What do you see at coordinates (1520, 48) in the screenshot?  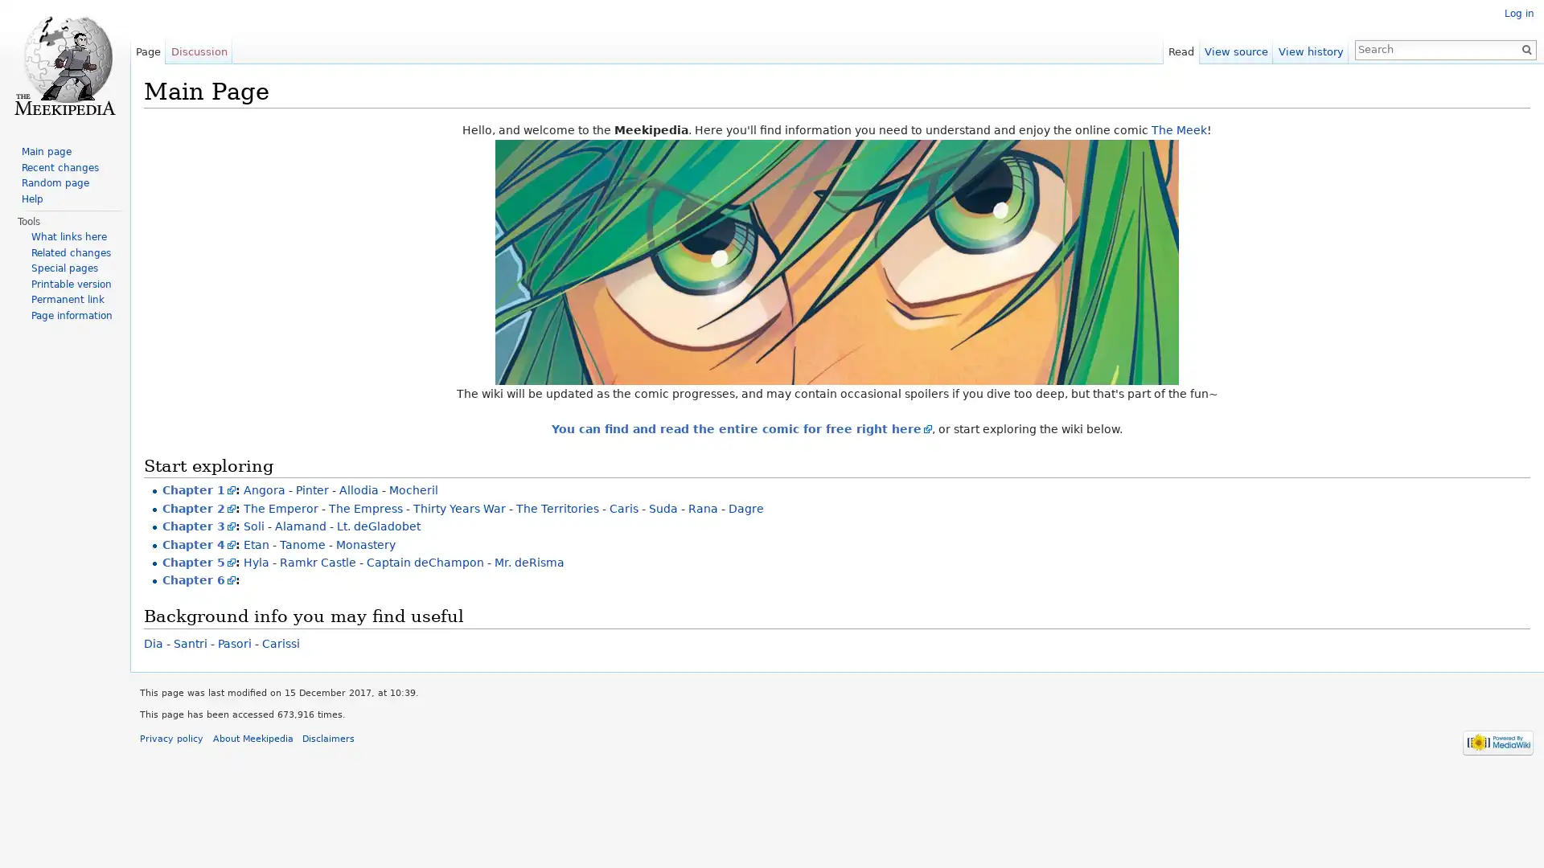 I see `Go` at bounding box center [1520, 48].